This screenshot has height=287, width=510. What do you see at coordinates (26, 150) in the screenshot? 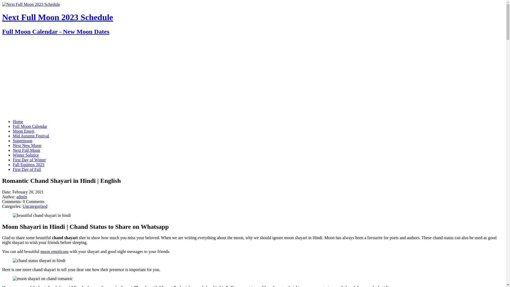
I see `'Next Full Moon'` at bounding box center [26, 150].